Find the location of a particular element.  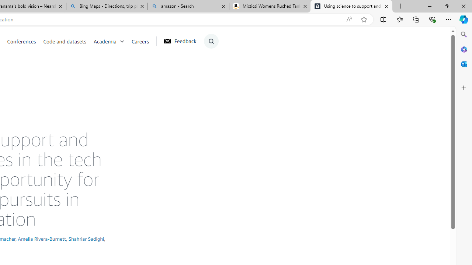

'Amelia Rivera-Burnett' is located at coordinates (41, 239).